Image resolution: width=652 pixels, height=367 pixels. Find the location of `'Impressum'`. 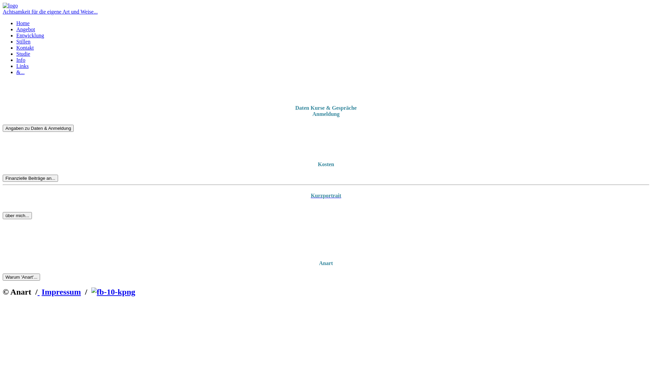

'Impressum' is located at coordinates (61, 292).